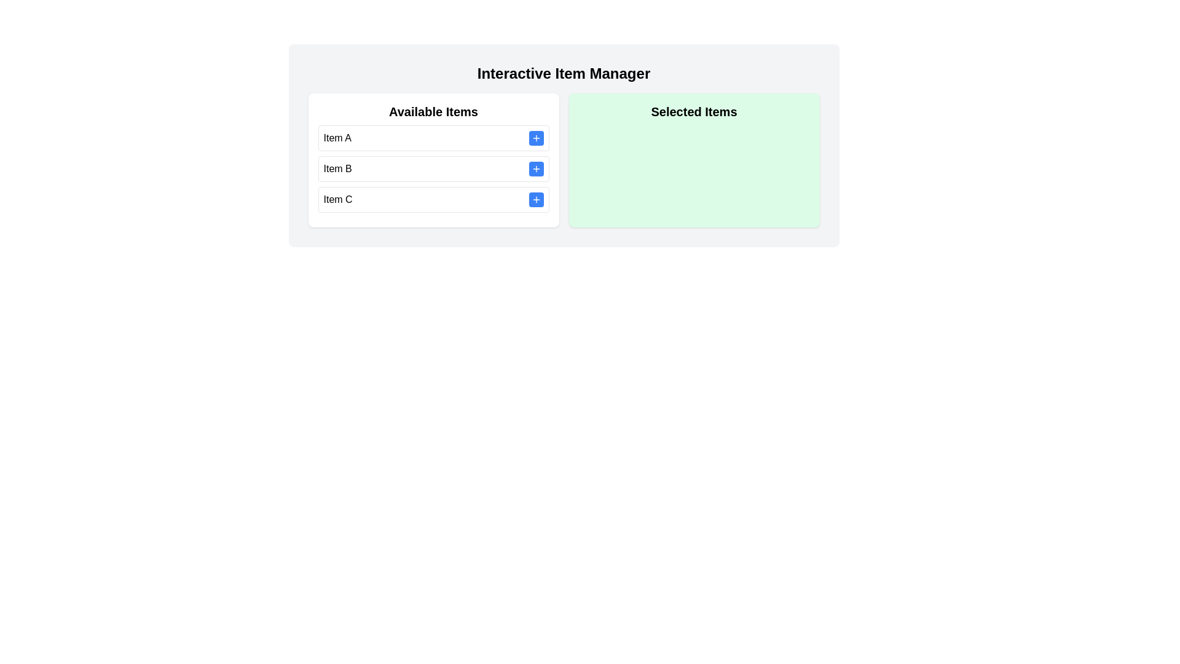  I want to click on the button located in the lower portion of the 'Available Items' section, to the right of 'Item C', which is the third button in a vertical list, so click(536, 199).